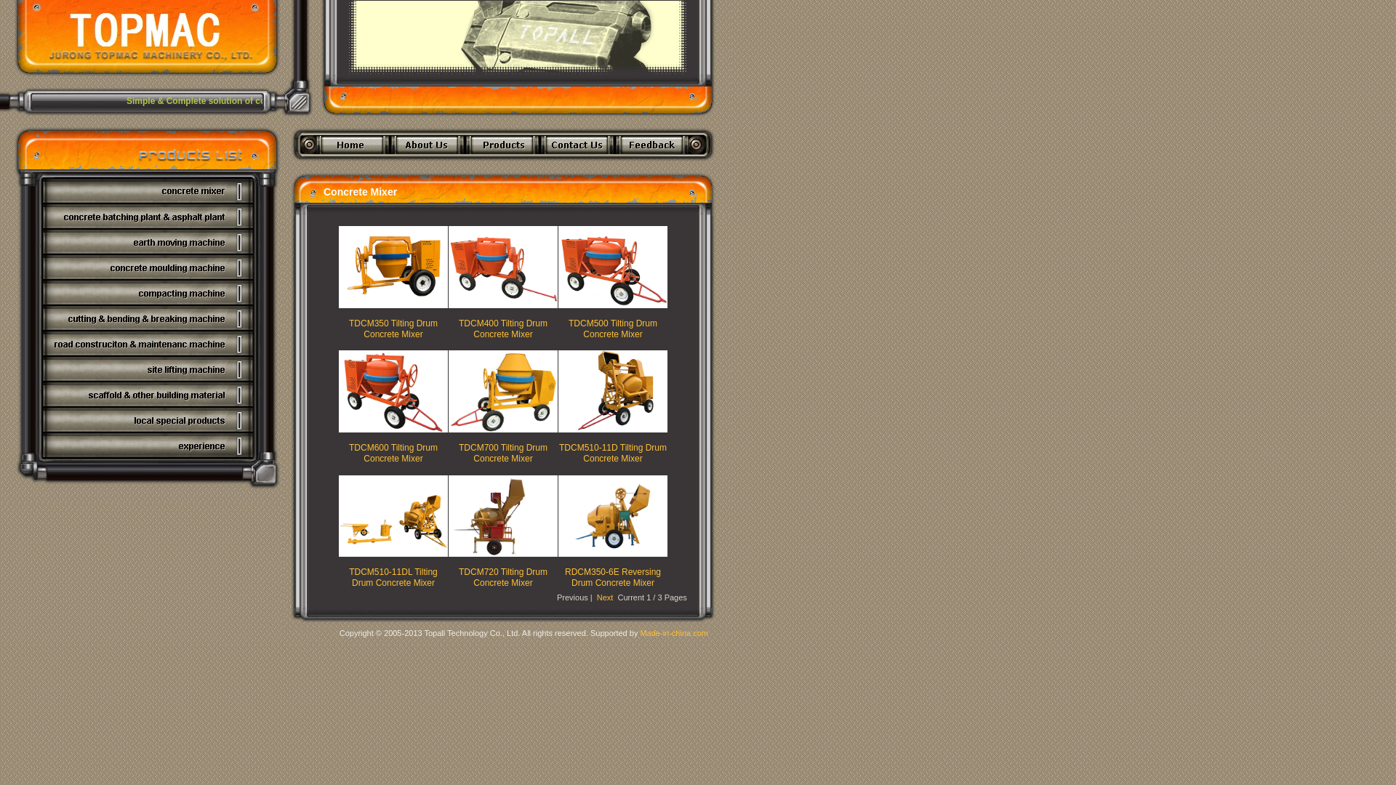 The width and height of the screenshot is (1396, 785). I want to click on 'ralph lauren home', so click(921, 167).